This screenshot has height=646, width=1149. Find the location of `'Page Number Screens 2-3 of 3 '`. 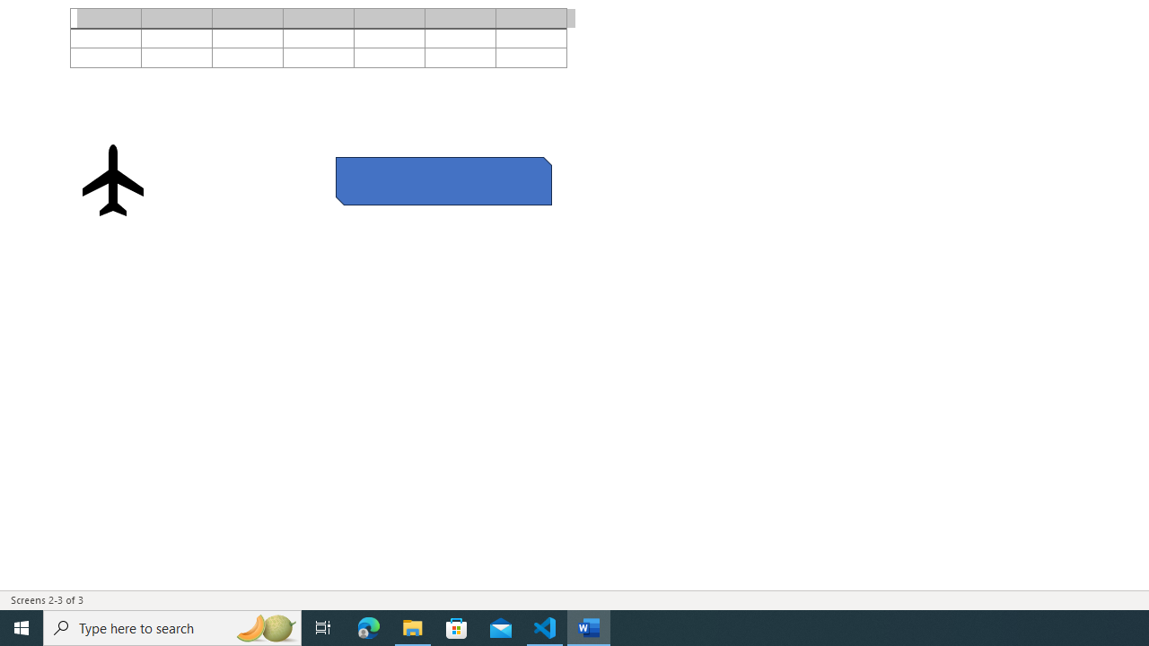

'Page Number Screens 2-3 of 3 ' is located at coordinates (47, 600).